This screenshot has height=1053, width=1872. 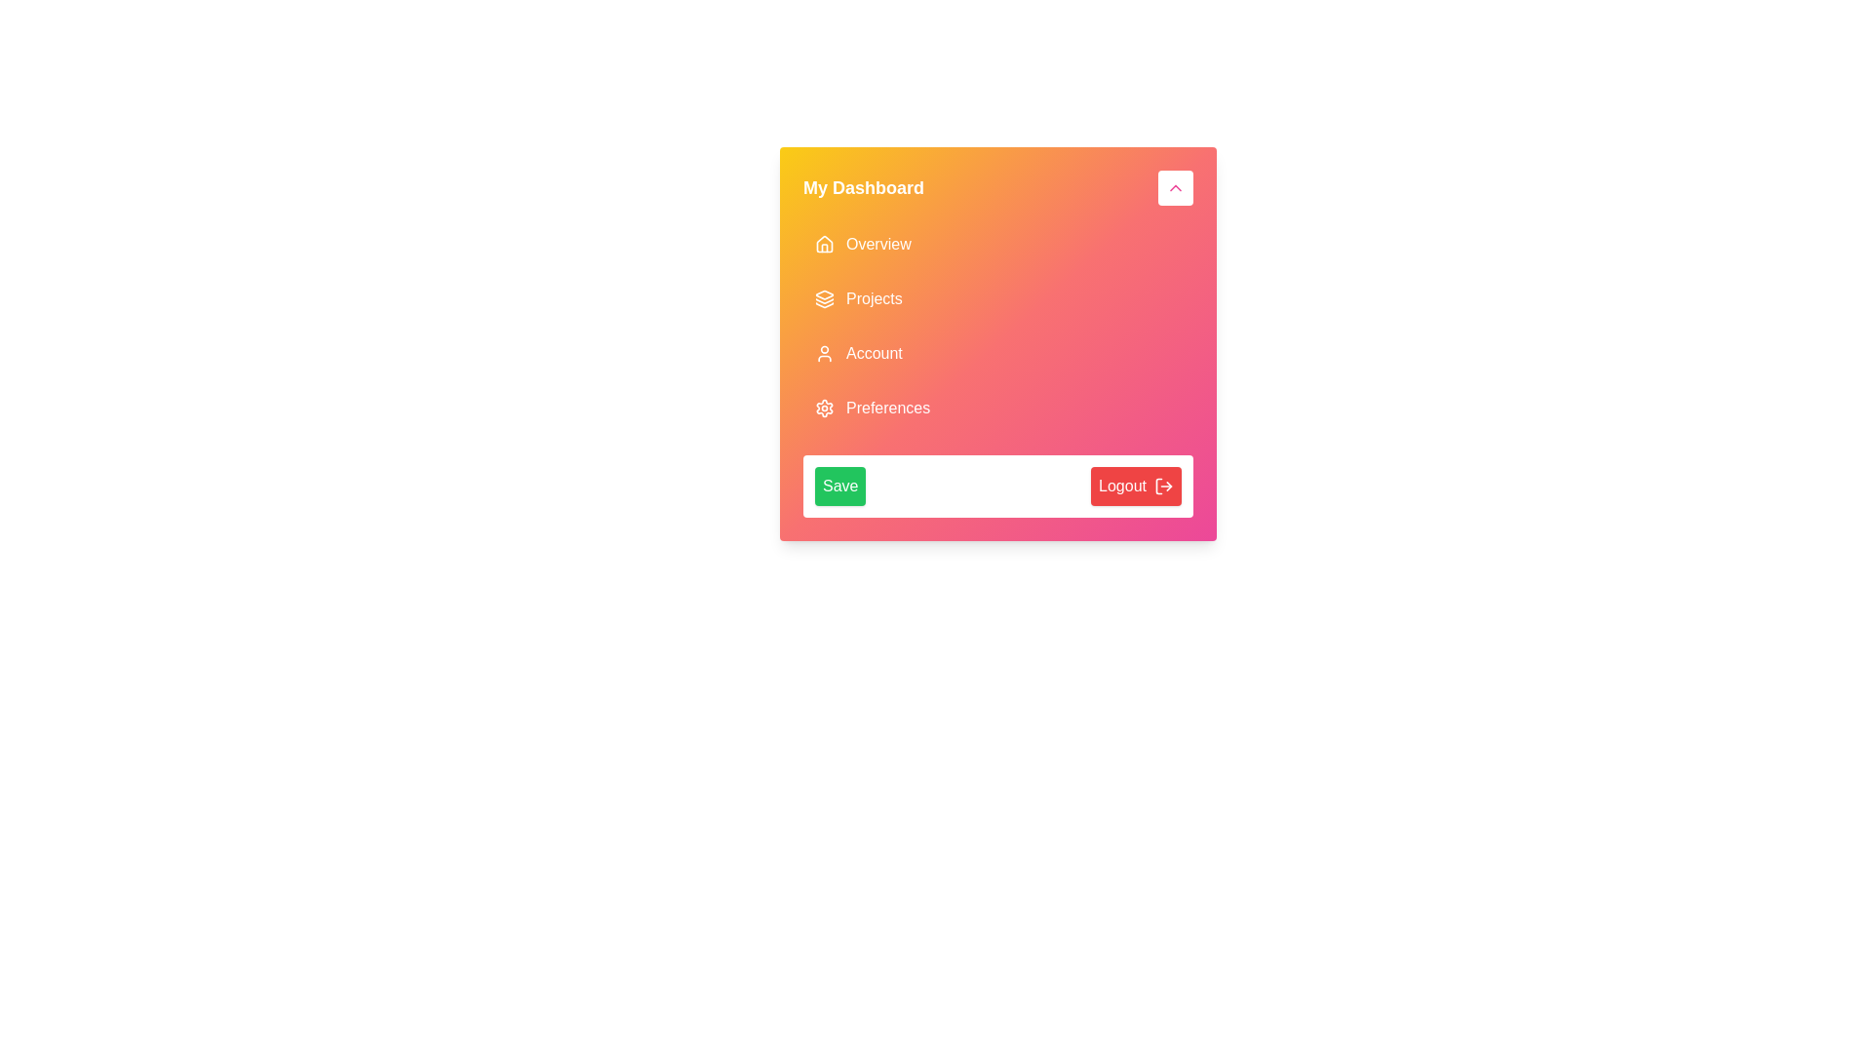 I want to click on the 'Overview' text label located in the menu below the 'My Dashboard' heading, so click(x=877, y=243).